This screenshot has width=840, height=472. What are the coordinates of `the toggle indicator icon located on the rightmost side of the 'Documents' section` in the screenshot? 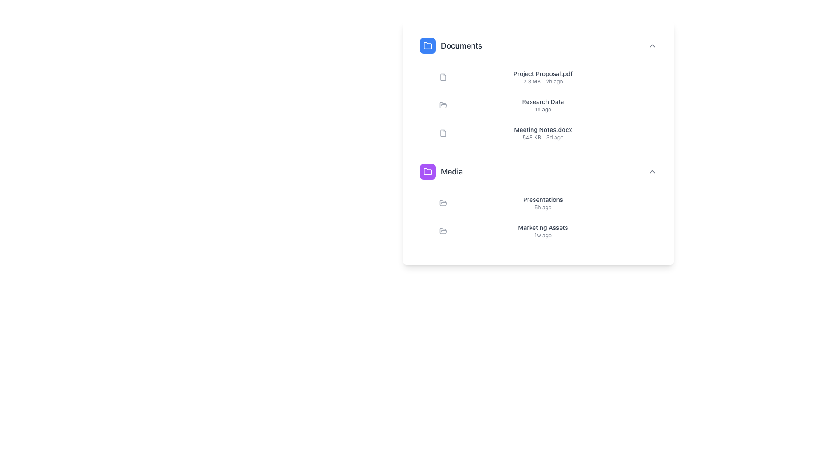 It's located at (652, 45).